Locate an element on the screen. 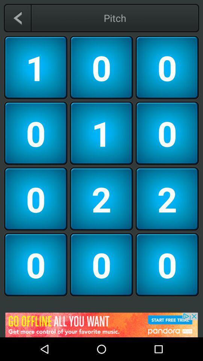 This screenshot has width=203, height=361. advertisement is located at coordinates (101, 325).